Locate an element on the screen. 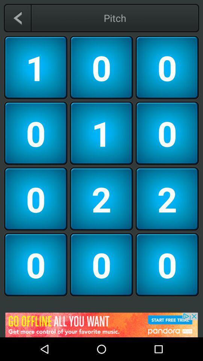 This screenshot has width=203, height=361. advertisement is located at coordinates (101, 325).